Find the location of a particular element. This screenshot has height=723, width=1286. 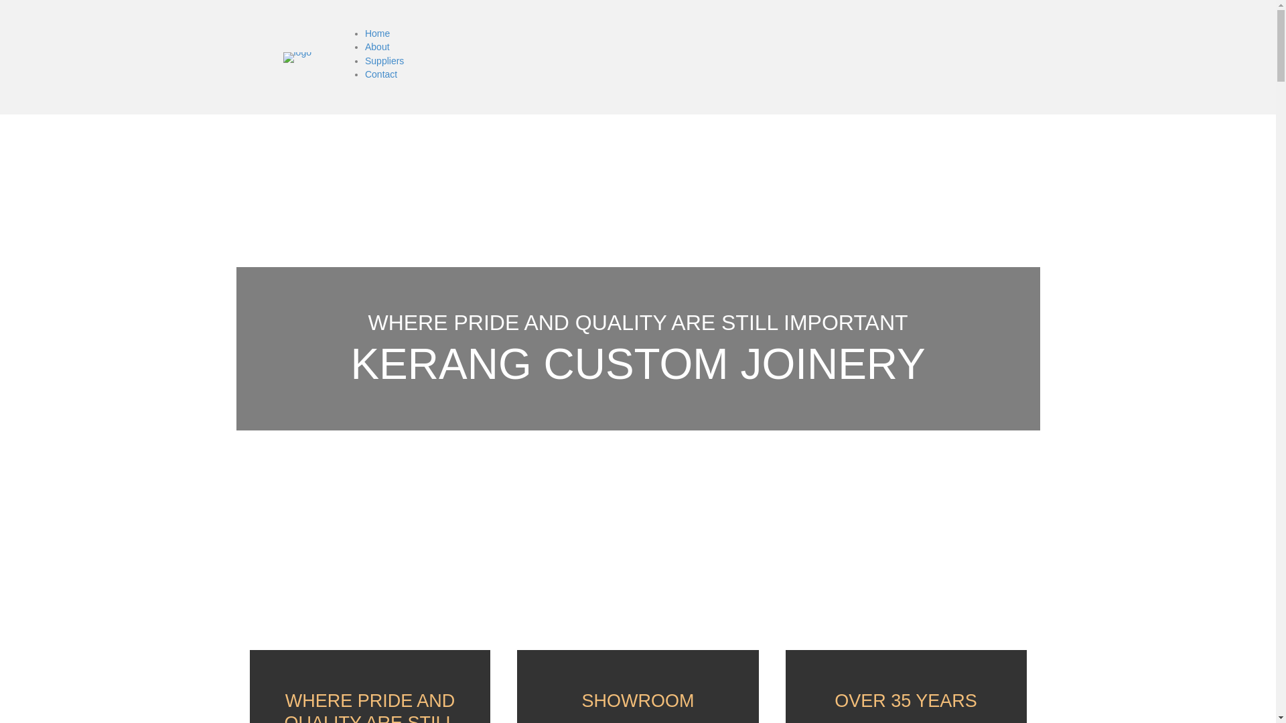

'Suppliers' is located at coordinates (384, 61).